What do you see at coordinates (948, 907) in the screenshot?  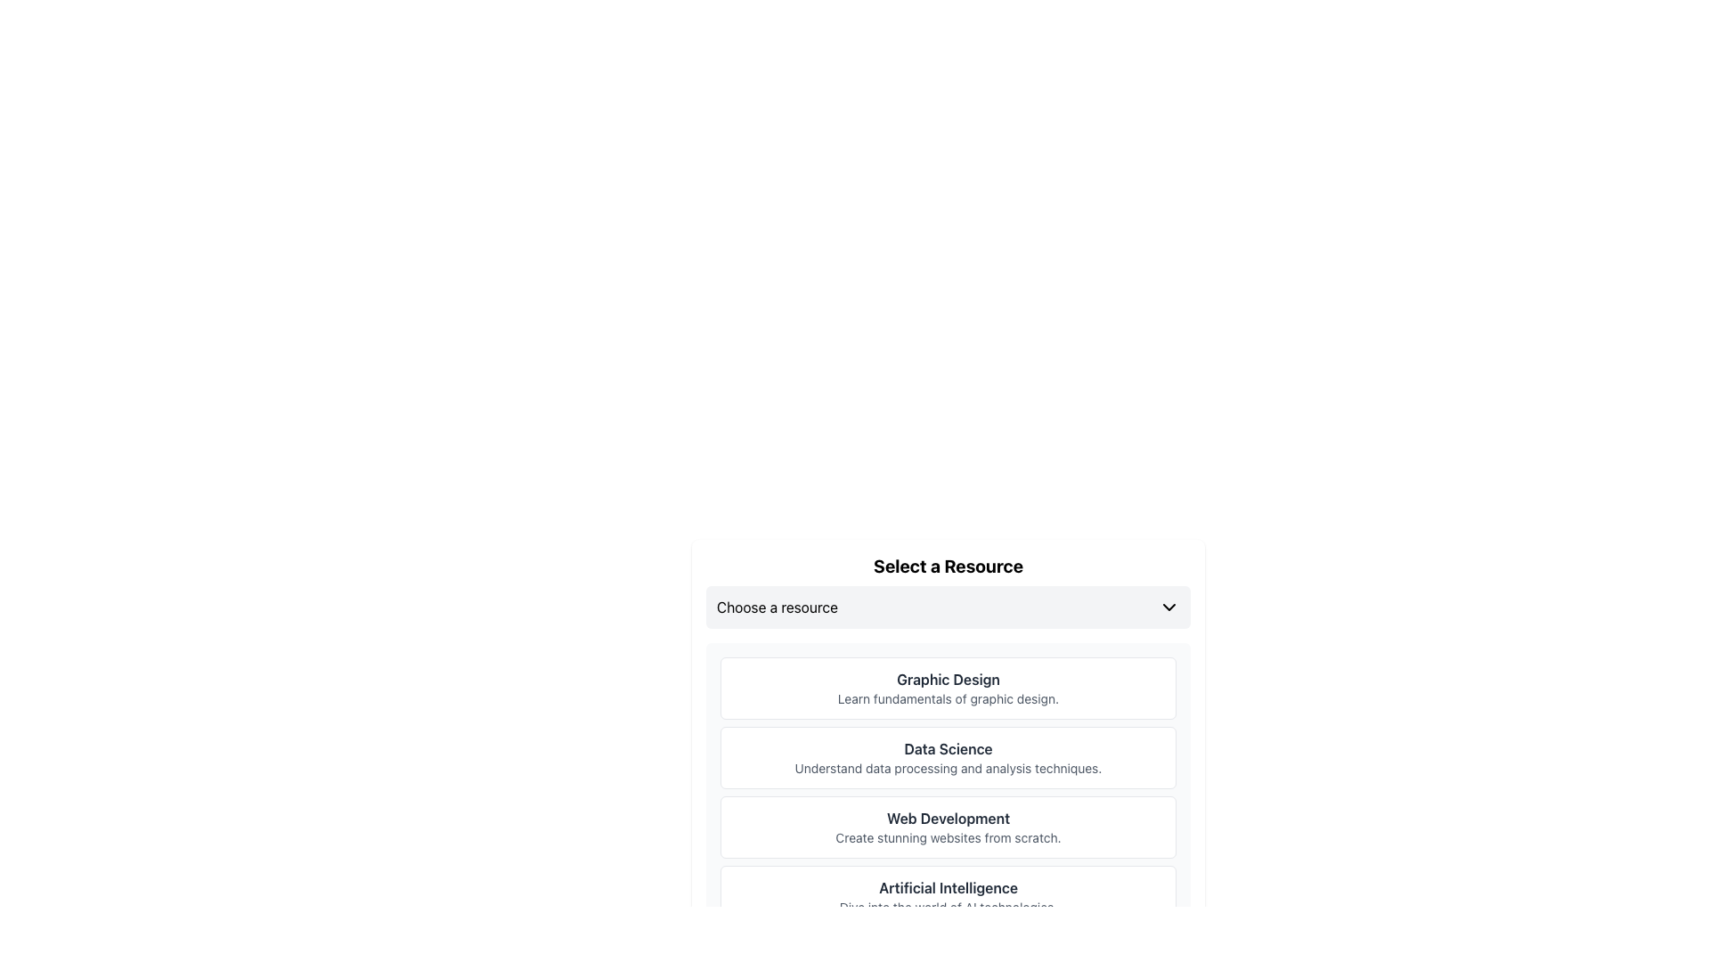 I see `the text label that reads 'Dive into the world of AI technologies.', located beneath the bold title 'Artificial Intelligence' in the 'Select a Resource' section` at bounding box center [948, 907].